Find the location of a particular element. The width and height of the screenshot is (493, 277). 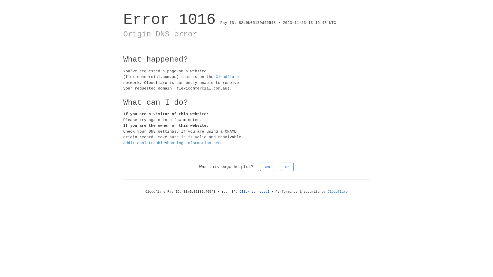

'Cloudflare' is located at coordinates (227, 77).